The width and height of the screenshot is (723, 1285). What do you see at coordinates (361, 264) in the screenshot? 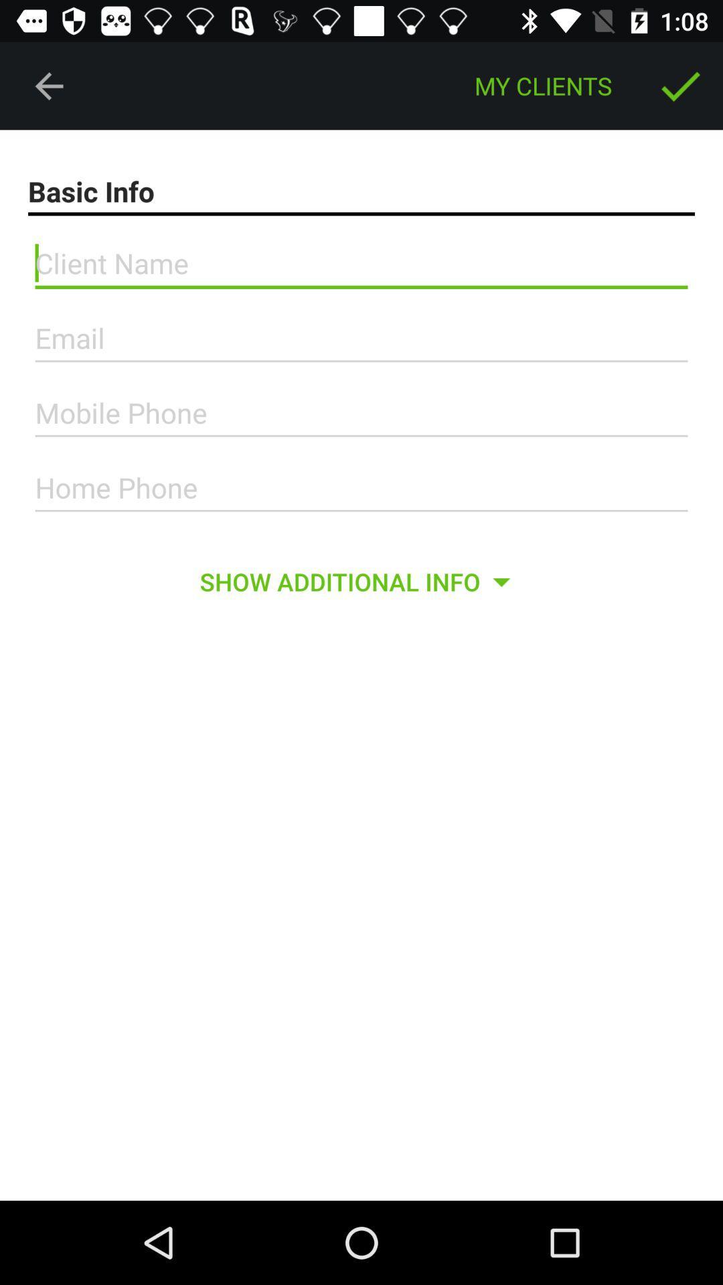
I see `edit client name` at bounding box center [361, 264].